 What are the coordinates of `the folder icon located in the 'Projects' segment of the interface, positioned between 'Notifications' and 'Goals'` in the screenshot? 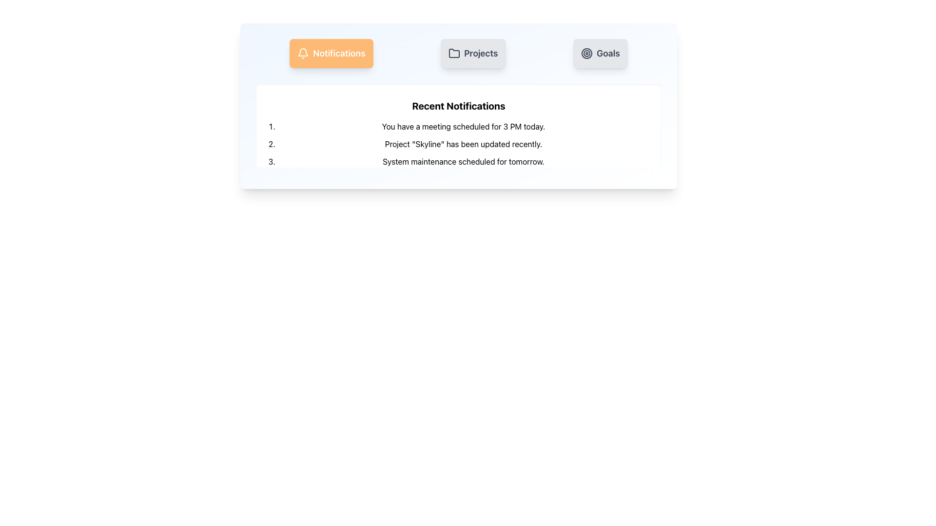 It's located at (454, 53).